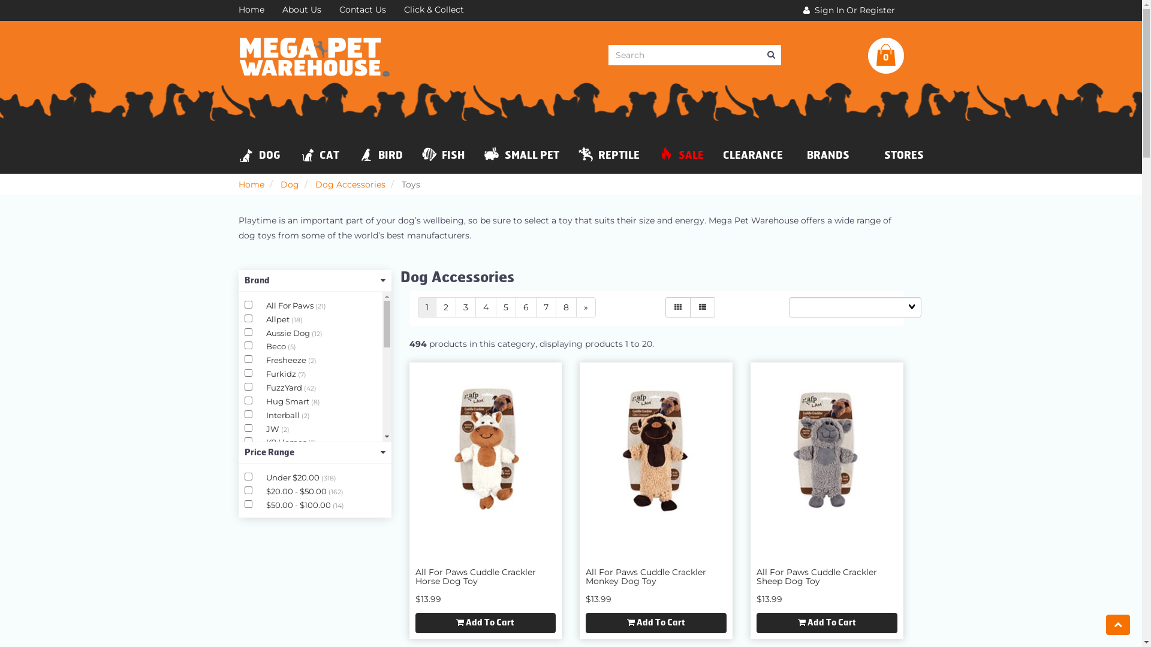 This screenshot has height=647, width=1151. Describe the element at coordinates (825, 155) in the screenshot. I see `'BRANDS'` at that location.